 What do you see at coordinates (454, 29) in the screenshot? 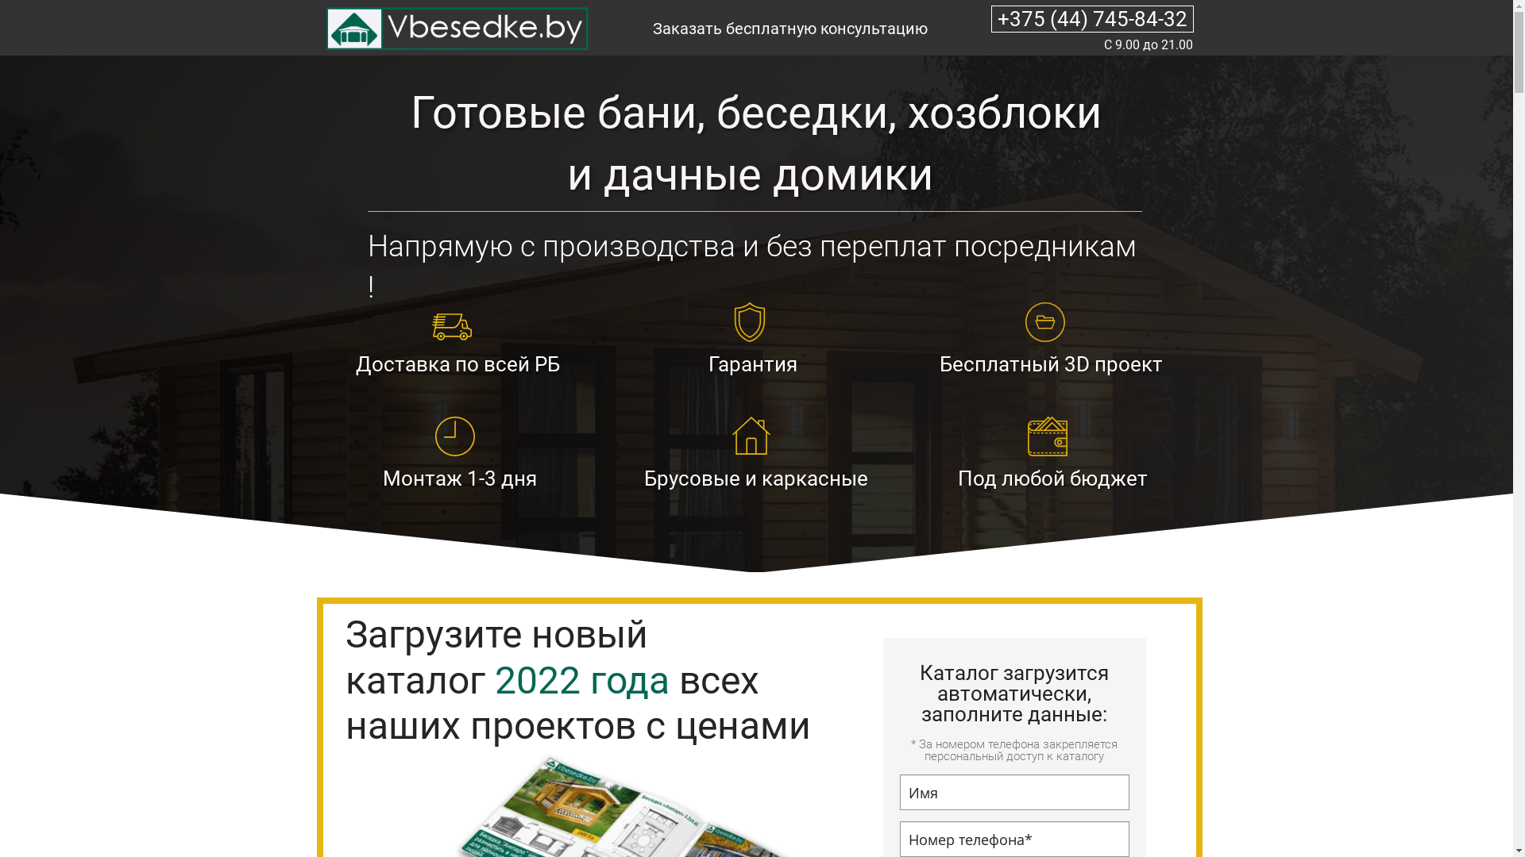
I see `'Vbesedke.by'` at bounding box center [454, 29].